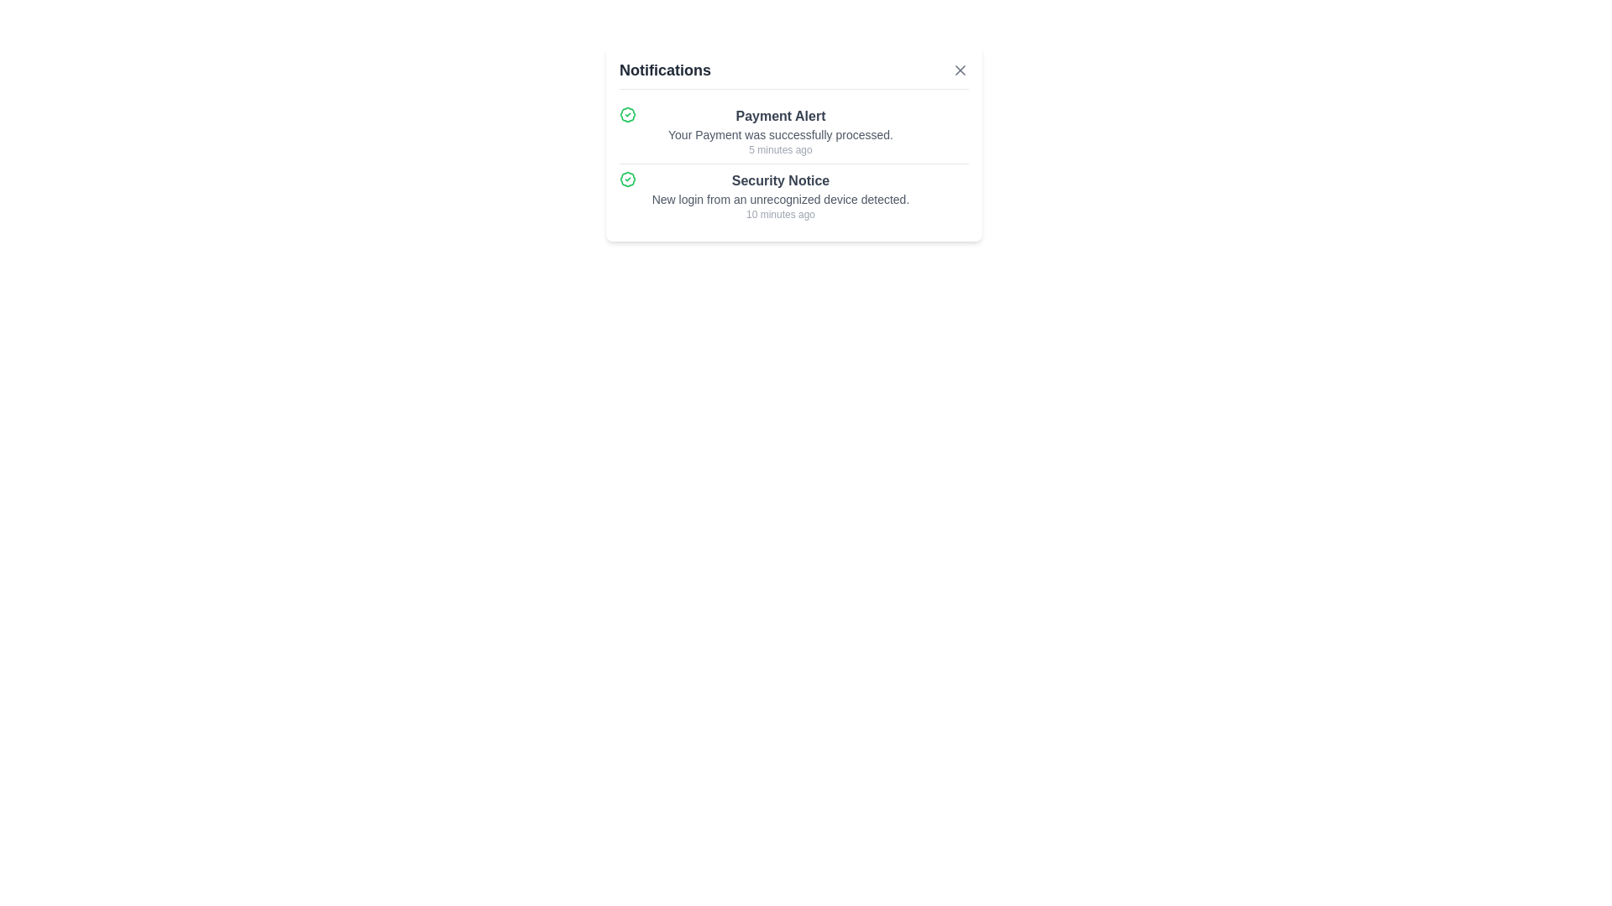 The height and width of the screenshot is (906, 1612). Describe the element at coordinates (793, 131) in the screenshot. I see `the first notification in the notifications panel to acknowledge the recent successful payment event` at that location.